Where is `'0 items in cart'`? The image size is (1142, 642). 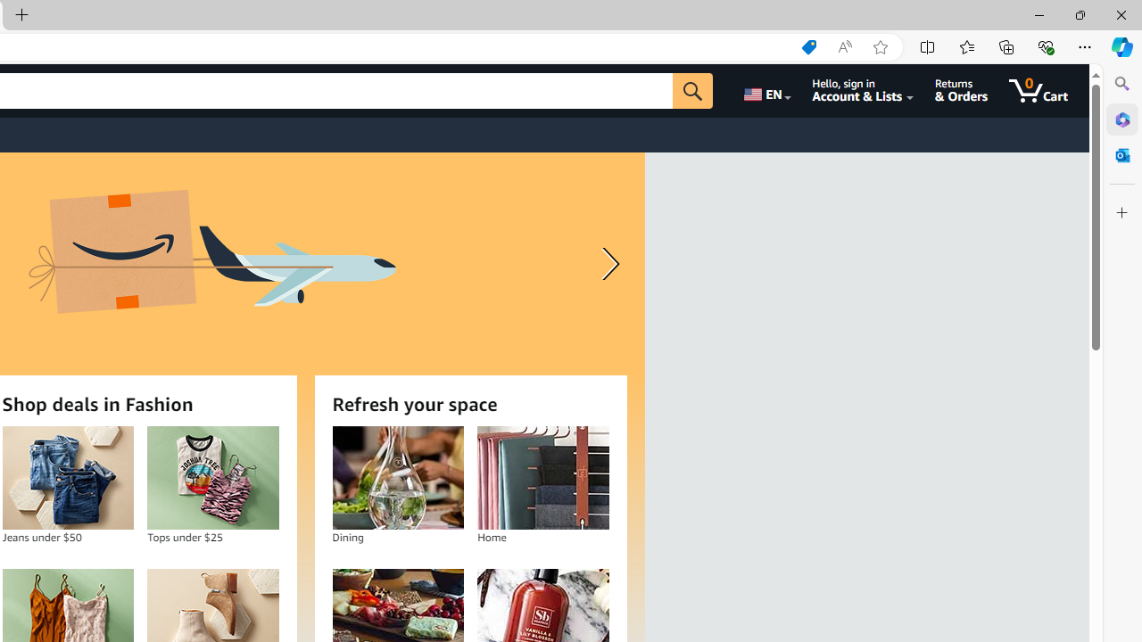
'0 items in cart' is located at coordinates (1039, 90).